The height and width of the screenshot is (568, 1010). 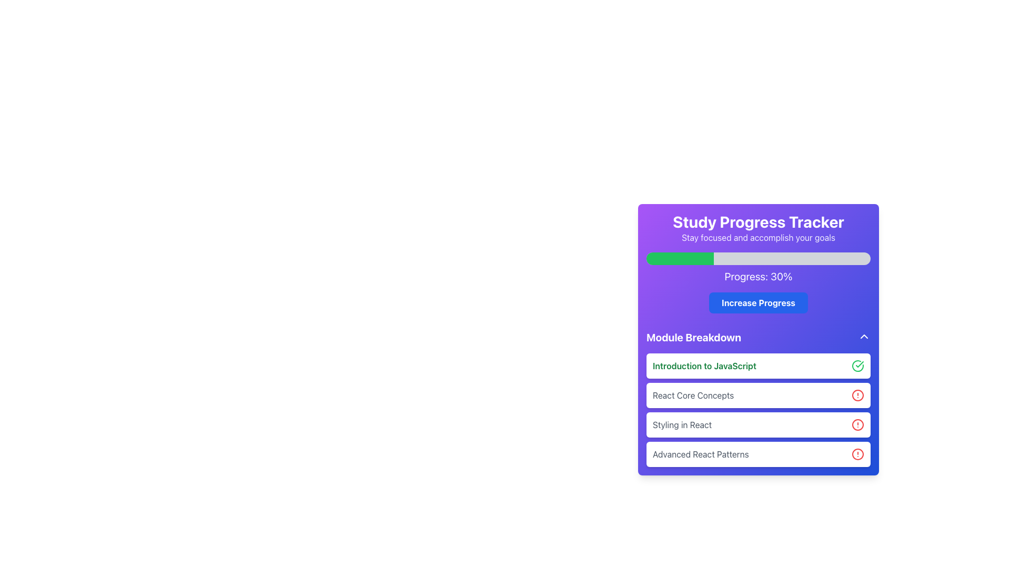 I want to click on the static informational display that shows 'Study Progress Tracker' with the subtitle 'Stay focused and accomplish your goals.', so click(x=758, y=228).